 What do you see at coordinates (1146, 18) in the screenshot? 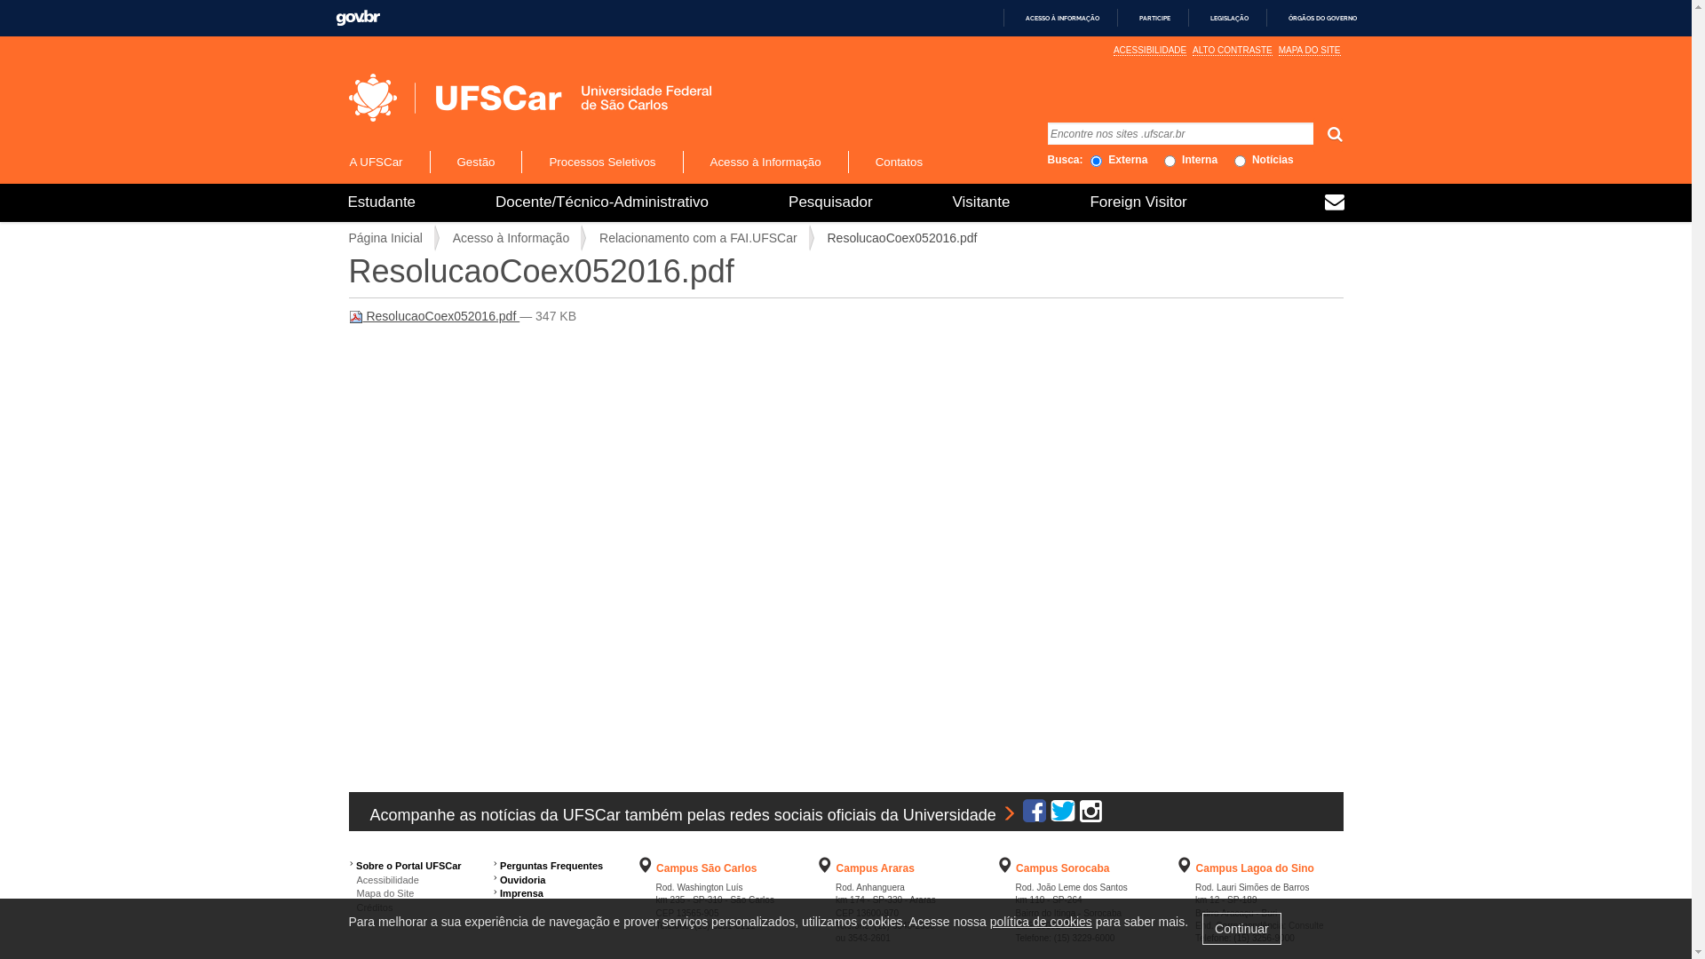
I see `'PARTICIPE'` at bounding box center [1146, 18].